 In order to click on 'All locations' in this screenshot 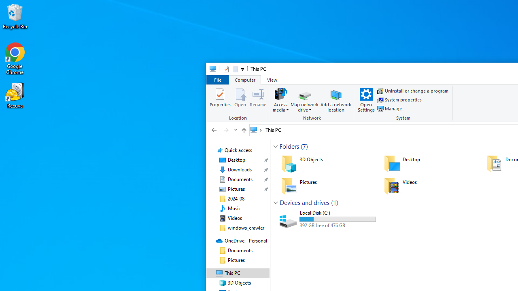, I will do `click(256, 129)`.